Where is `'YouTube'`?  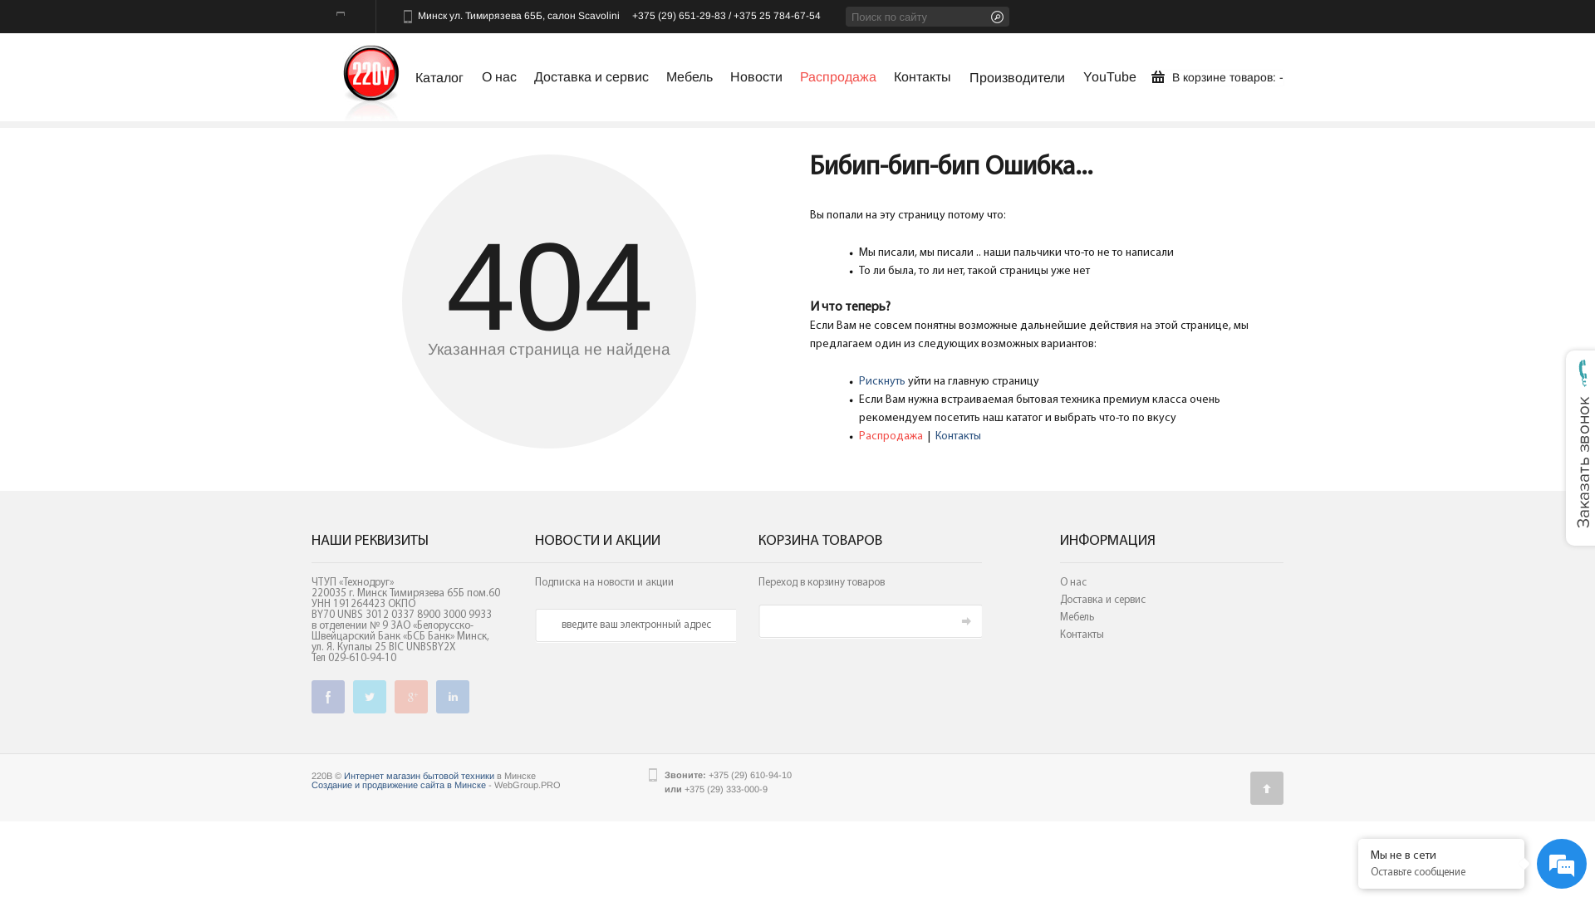
'YouTube' is located at coordinates (1109, 79).